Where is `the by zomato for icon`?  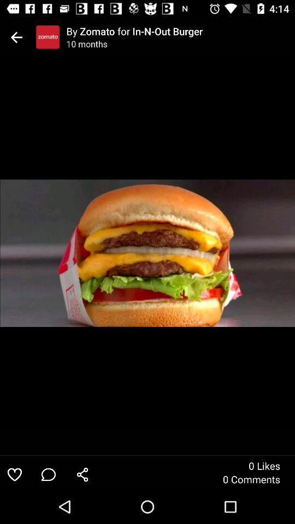
the by zomato for icon is located at coordinates (180, 31).